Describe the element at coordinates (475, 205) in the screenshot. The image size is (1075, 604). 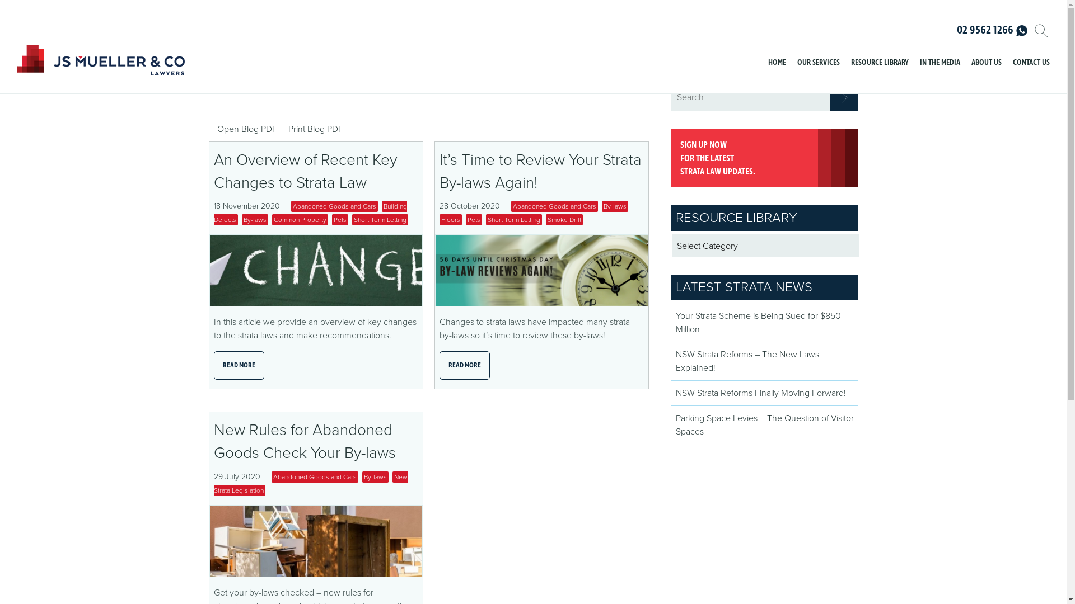
I see `'28 October 2020'` at that location.